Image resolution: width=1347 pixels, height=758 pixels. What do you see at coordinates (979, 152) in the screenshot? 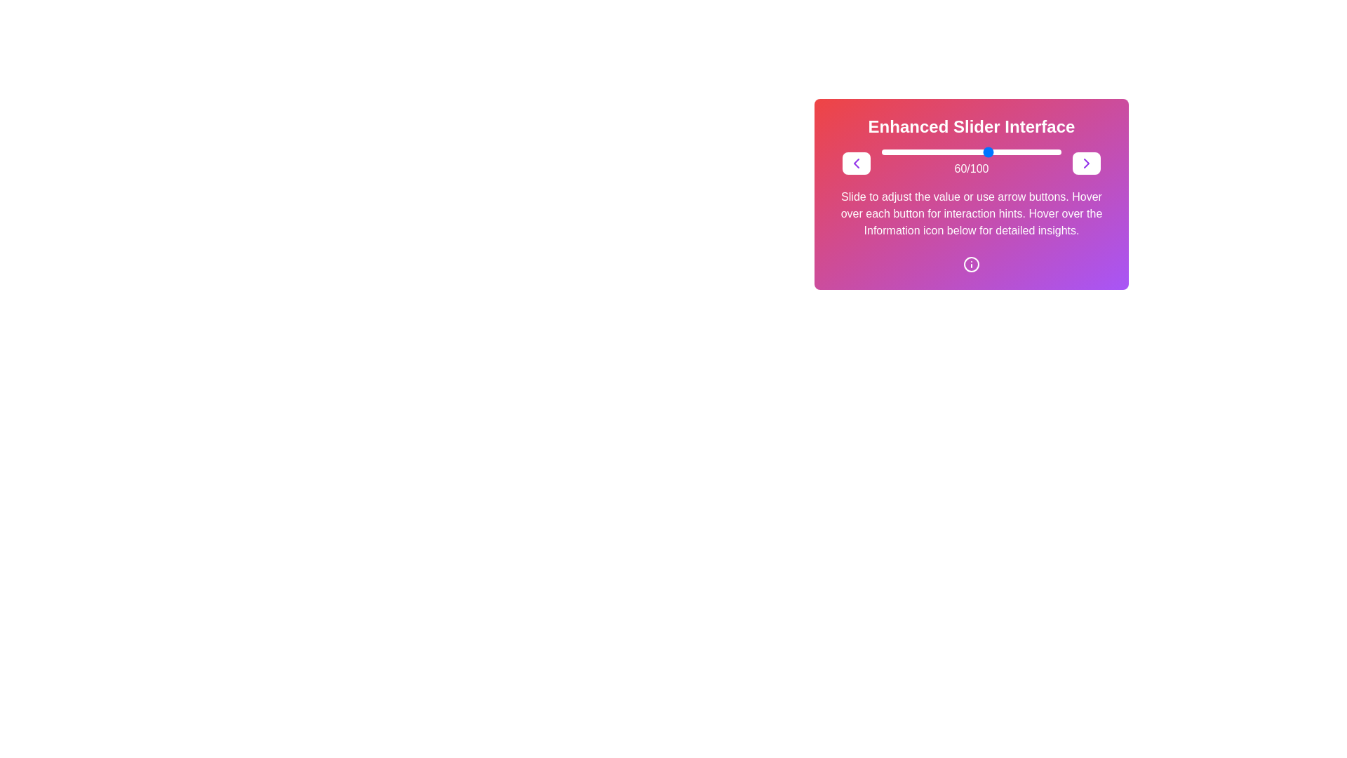
I see `the slider value` at bounding box center [979, 152].